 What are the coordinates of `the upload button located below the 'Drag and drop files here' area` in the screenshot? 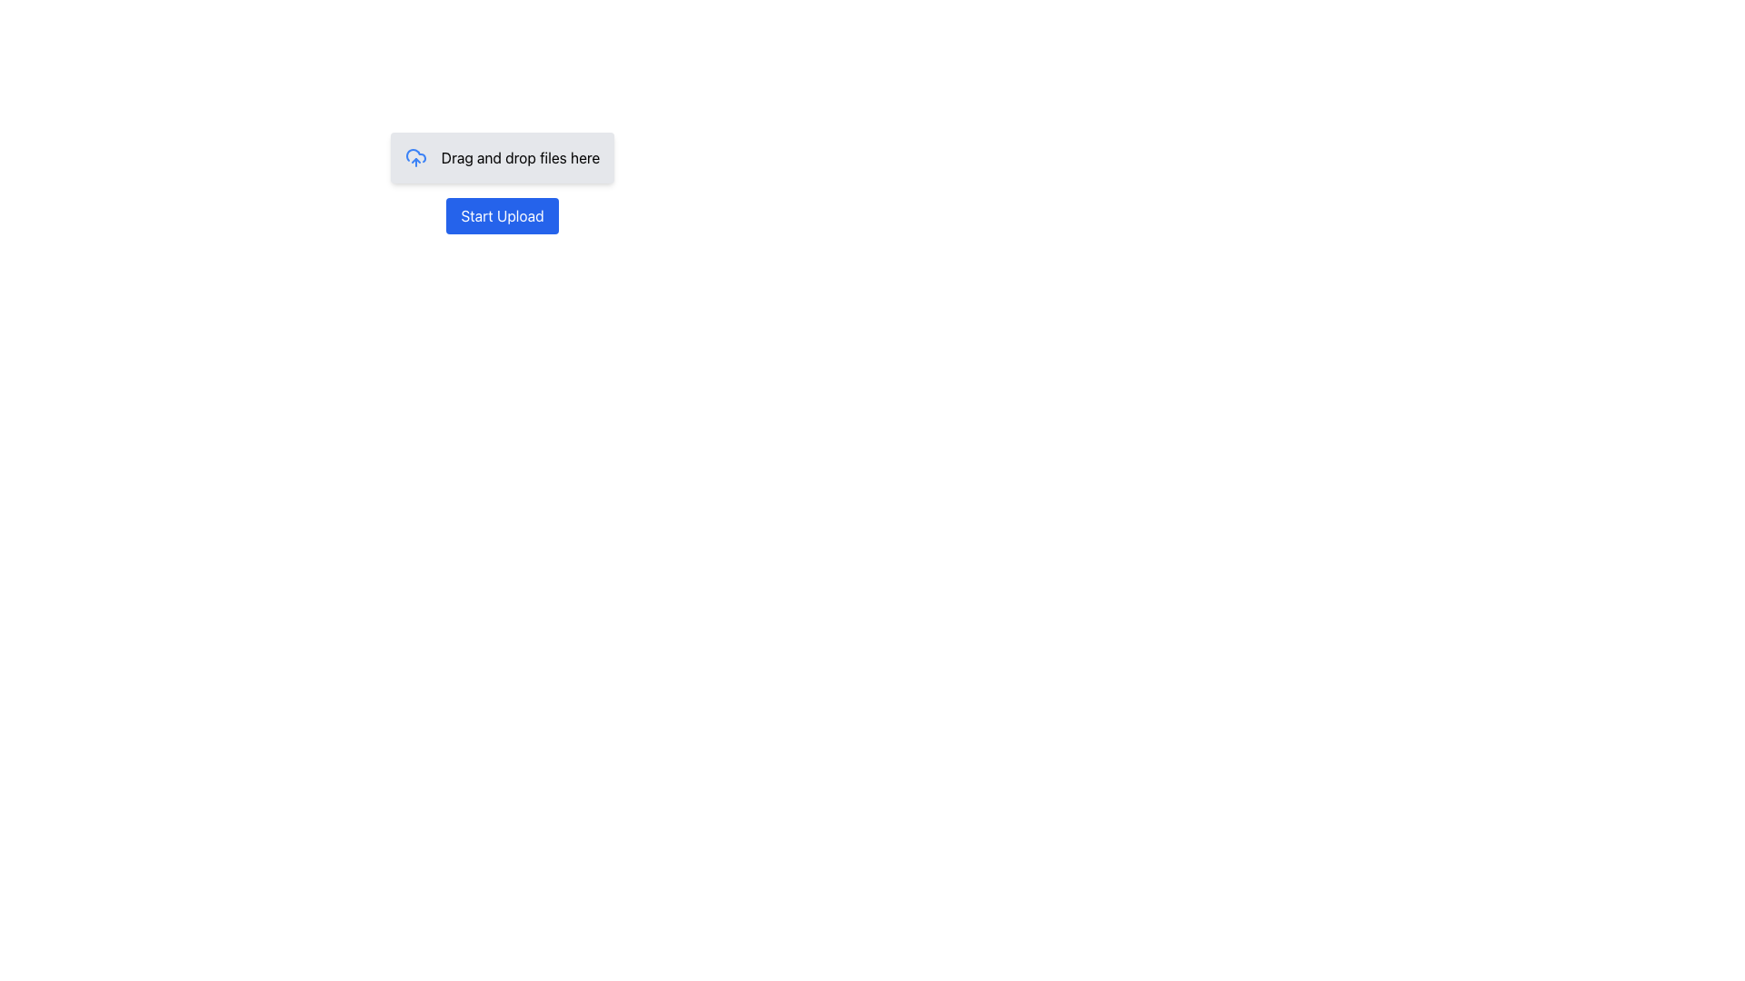 It's located at (502, 215).